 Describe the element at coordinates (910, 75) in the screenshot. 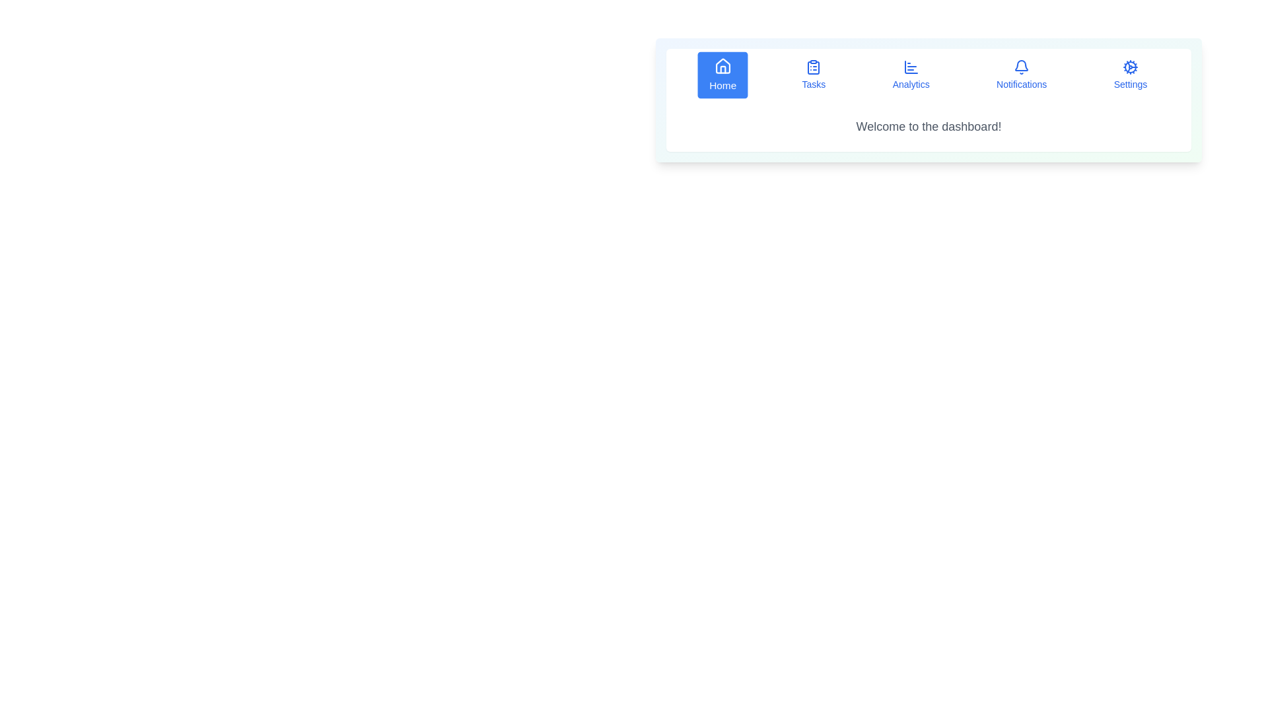

I see `the Analytics tab by clicking on its corresponding button` at that location.